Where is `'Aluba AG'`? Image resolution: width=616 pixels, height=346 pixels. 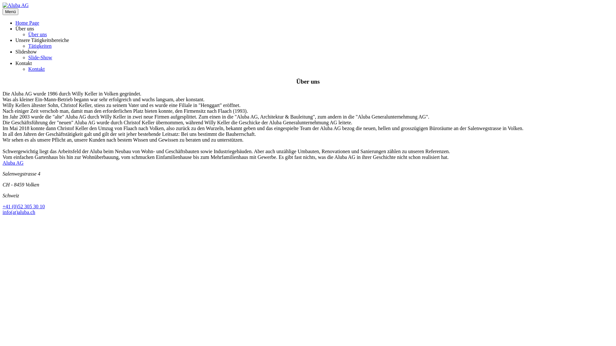
'Aluba AG' is located at coordinates (13, 162).